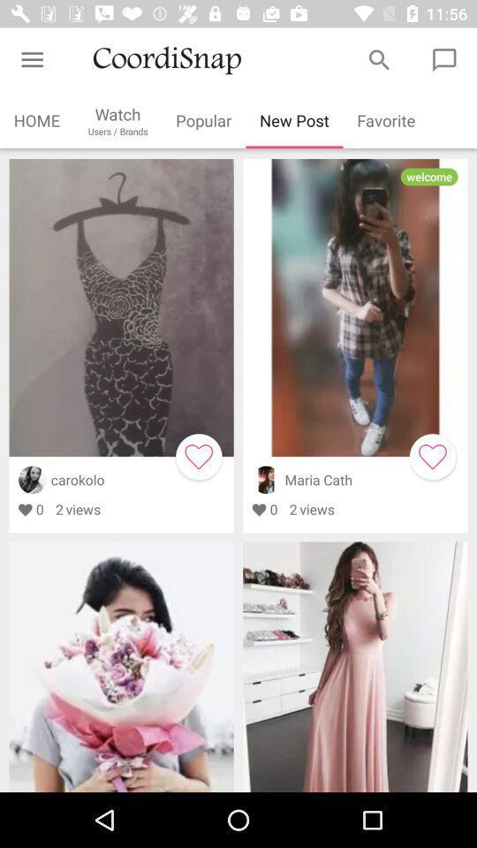  What do you see at coordinates (378, 60) in the screenshot?
I see `icon above favorite icon` at bounding box center [378, 60].